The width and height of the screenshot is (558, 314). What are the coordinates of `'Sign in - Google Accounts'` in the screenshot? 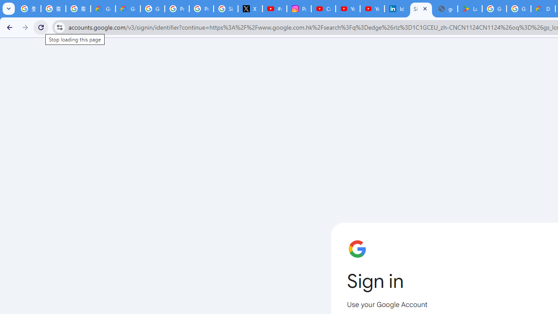 It's located at (421, 9).